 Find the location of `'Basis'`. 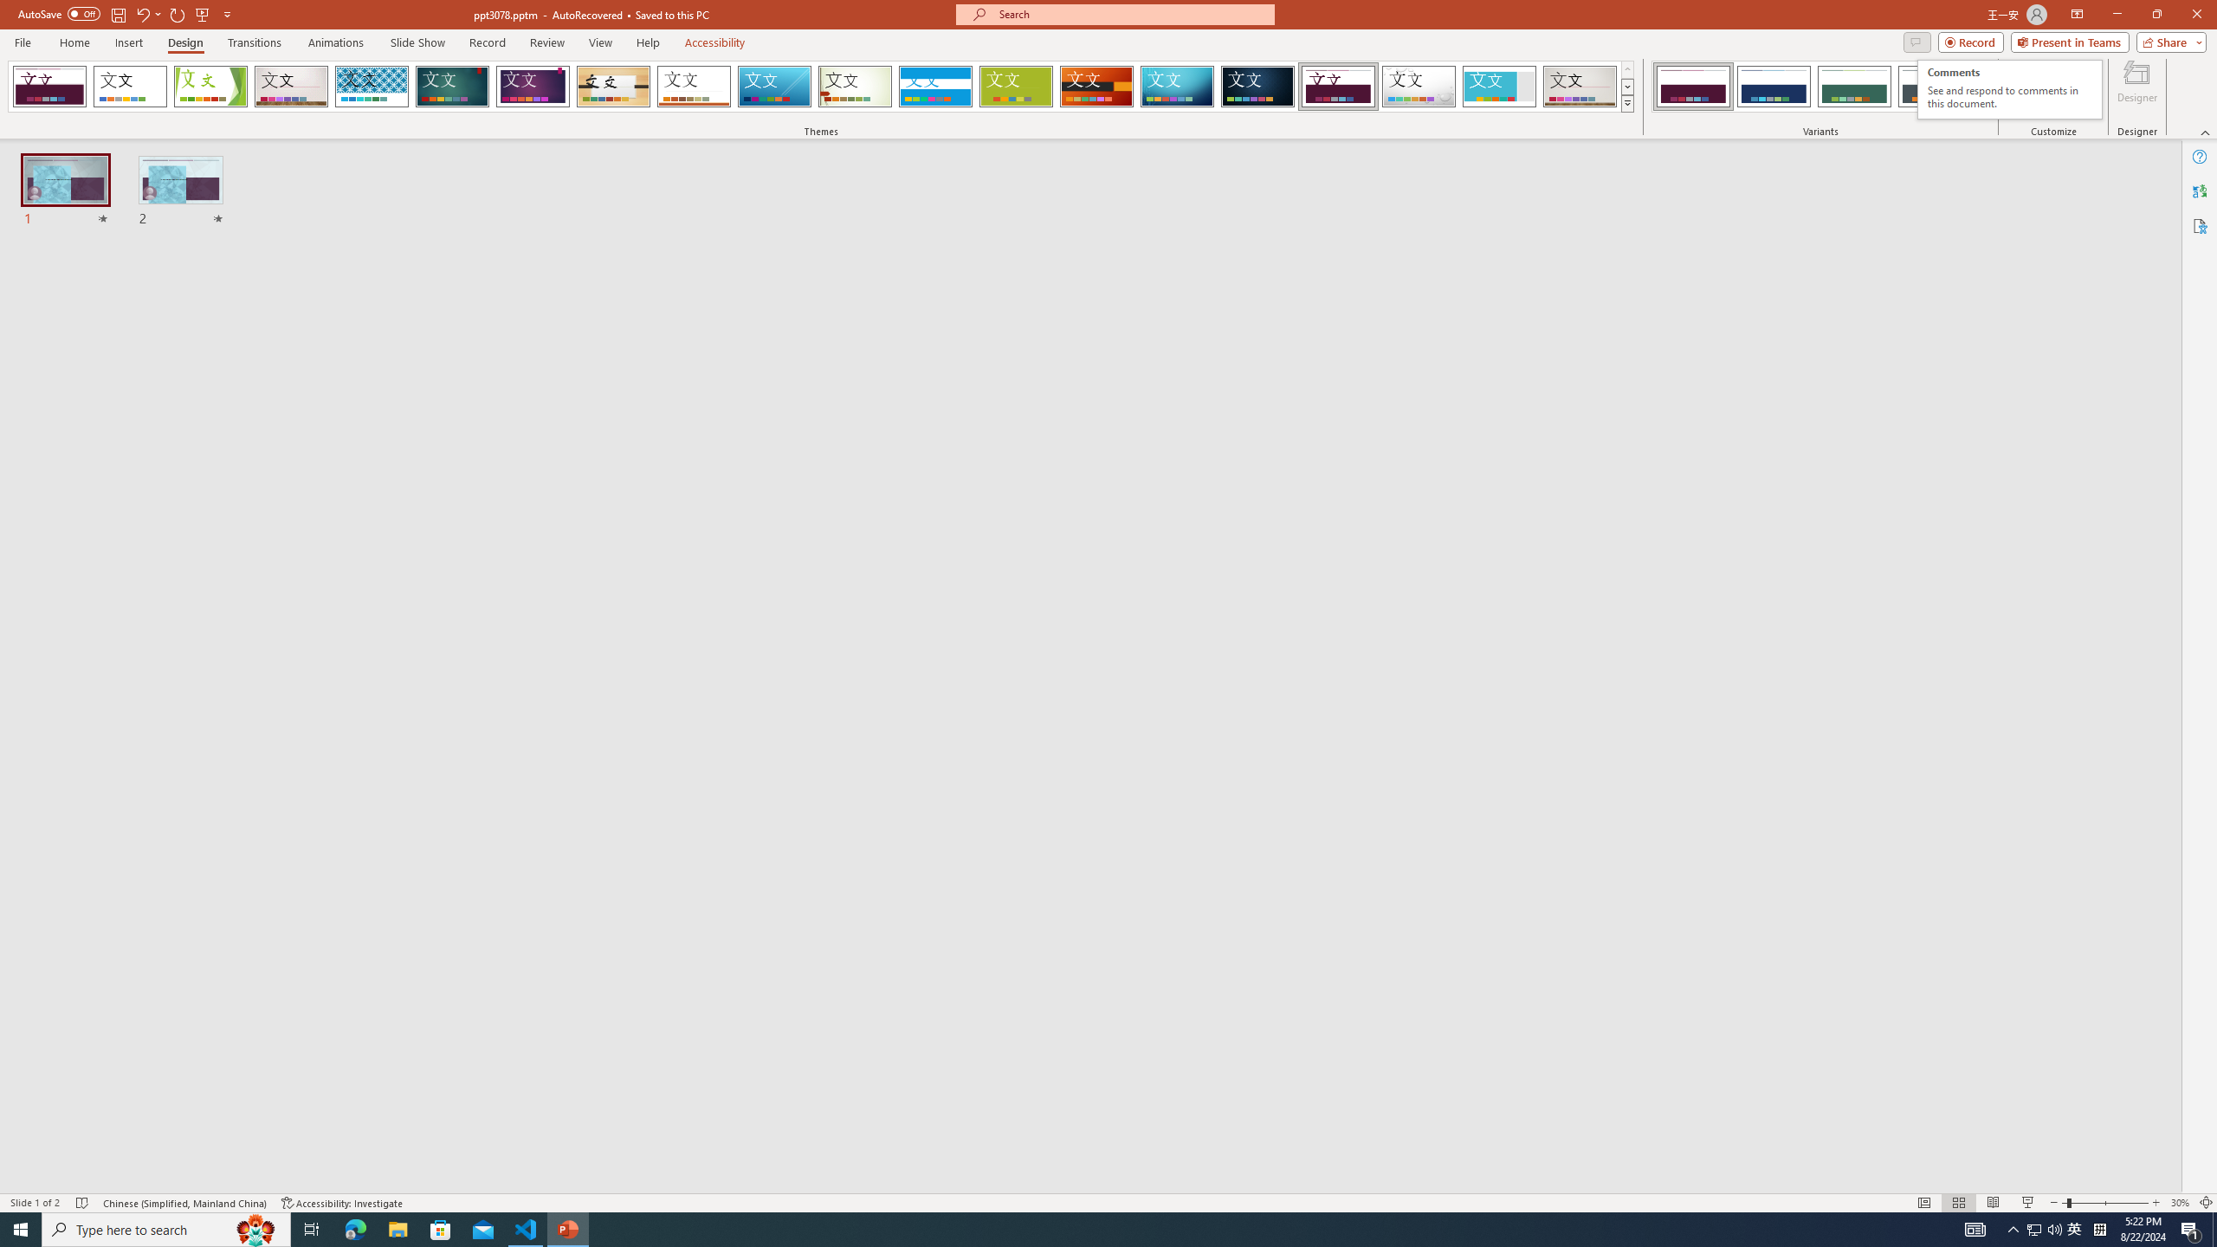

'Basis' is located at coordinates (1016, 86).